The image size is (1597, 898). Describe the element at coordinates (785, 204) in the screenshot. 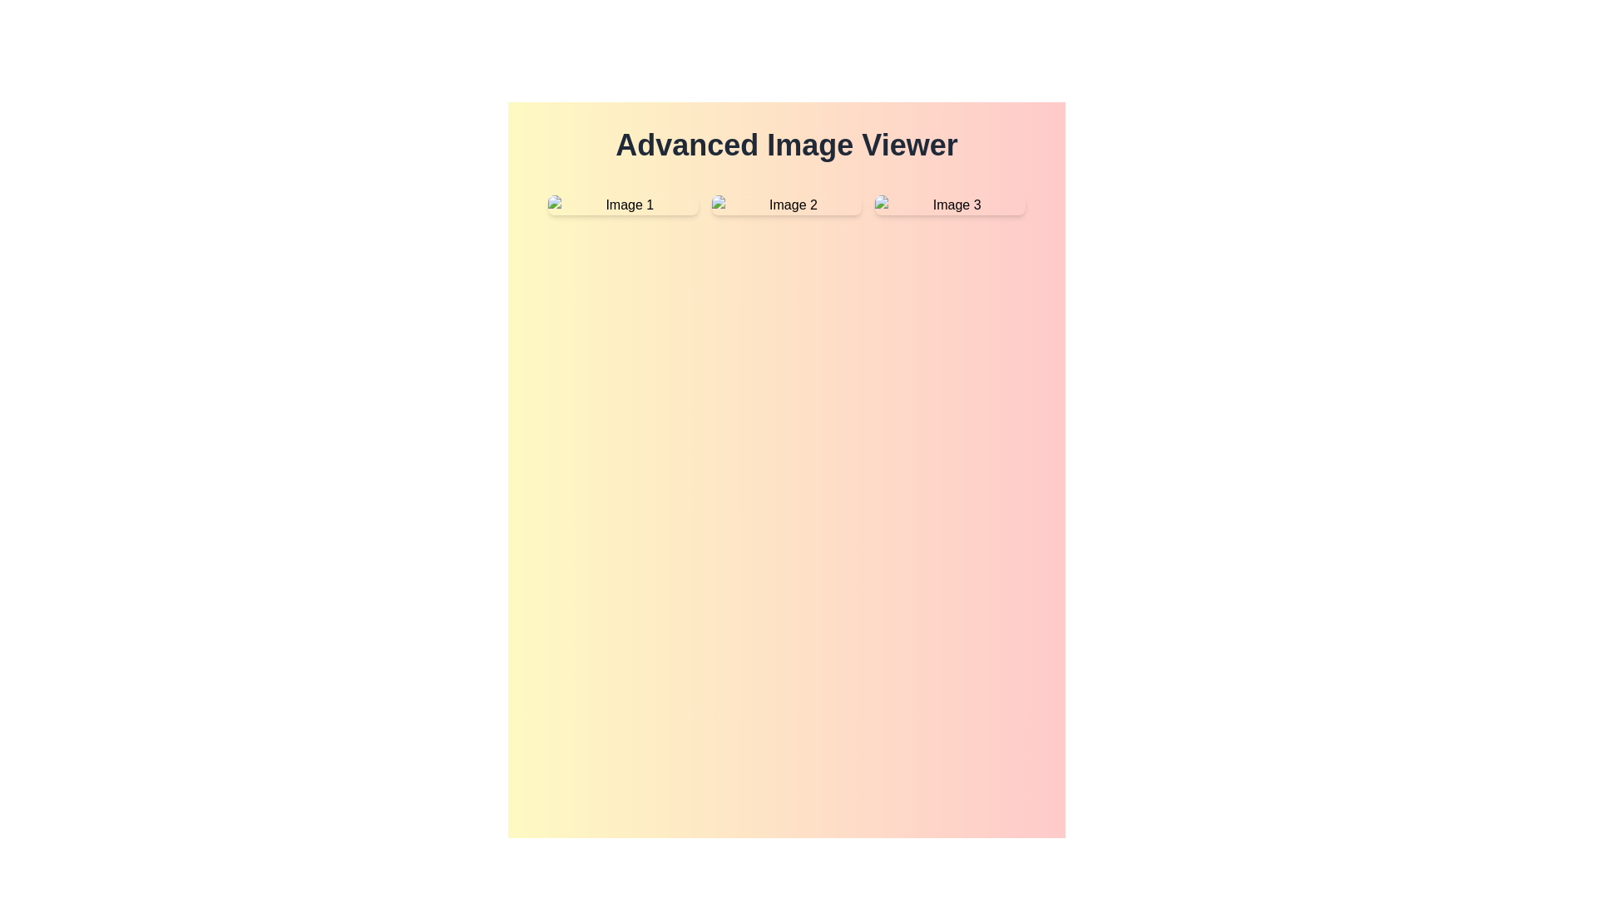

I see `the clickable image thumbnail labeled 'Image 2'` at that location.